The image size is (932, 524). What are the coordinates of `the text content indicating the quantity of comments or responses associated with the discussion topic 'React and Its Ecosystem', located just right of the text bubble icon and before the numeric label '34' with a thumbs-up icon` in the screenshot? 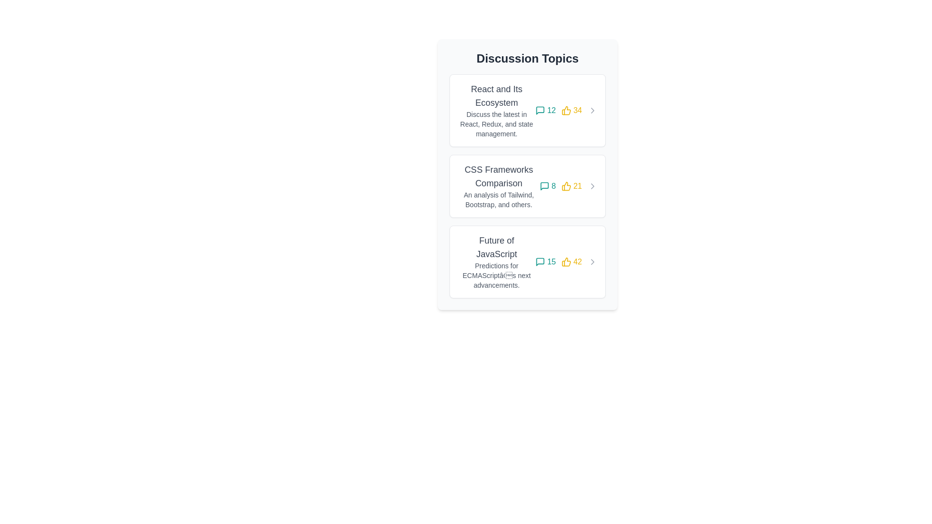 It's located at (551, 110).